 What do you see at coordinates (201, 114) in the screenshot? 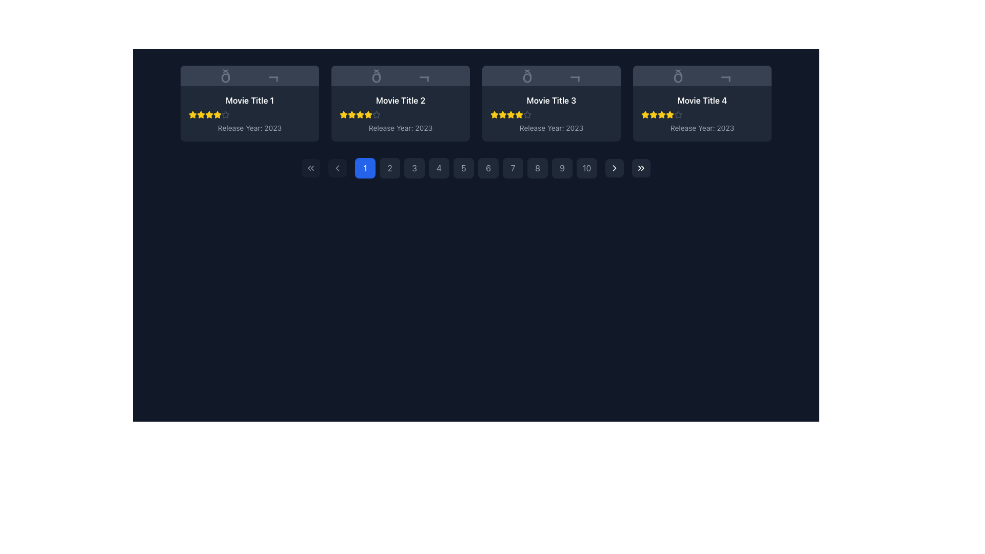
I see `the third yellow star icon in the movie rating system, positioned under 'Movie Title 1' in the first card of the grid layout` at bounding box center [201, 114].